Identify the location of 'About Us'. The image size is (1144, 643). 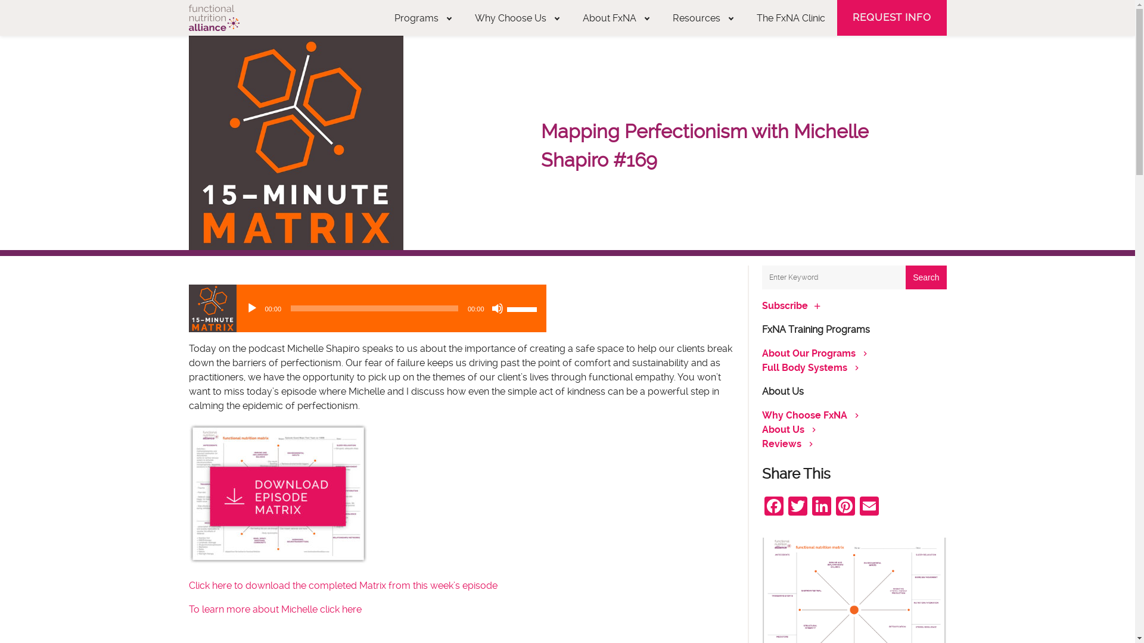
(782, 429).